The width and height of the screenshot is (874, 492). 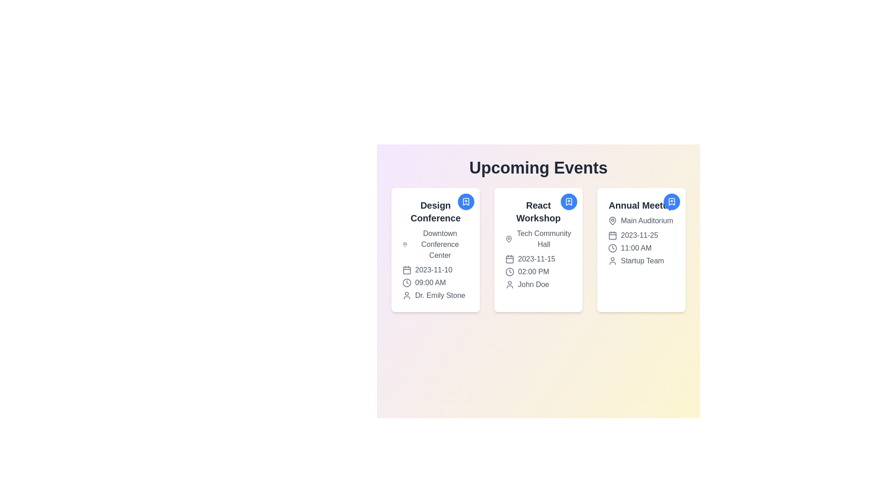 I want to click on details of the event displayed on the middle card in the 'Upcoming Events' section, which includes its title, location, date, time, and host, so click(x=538, y=250).